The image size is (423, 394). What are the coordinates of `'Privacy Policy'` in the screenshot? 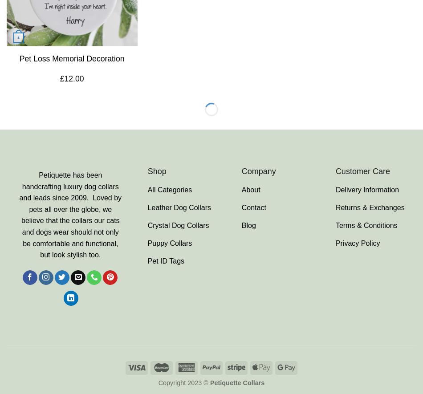 It's located at (334, 242).